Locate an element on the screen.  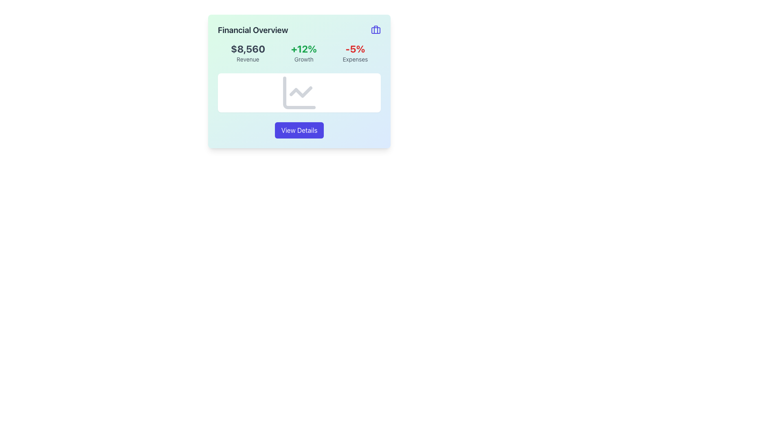
the Informational Text Block displaying the numerical value '$8,560' and the label 'Revenue', which is styled in bold and large font, located on the left side of the row in the Financial Overview section is located at coordinates (247, 53).